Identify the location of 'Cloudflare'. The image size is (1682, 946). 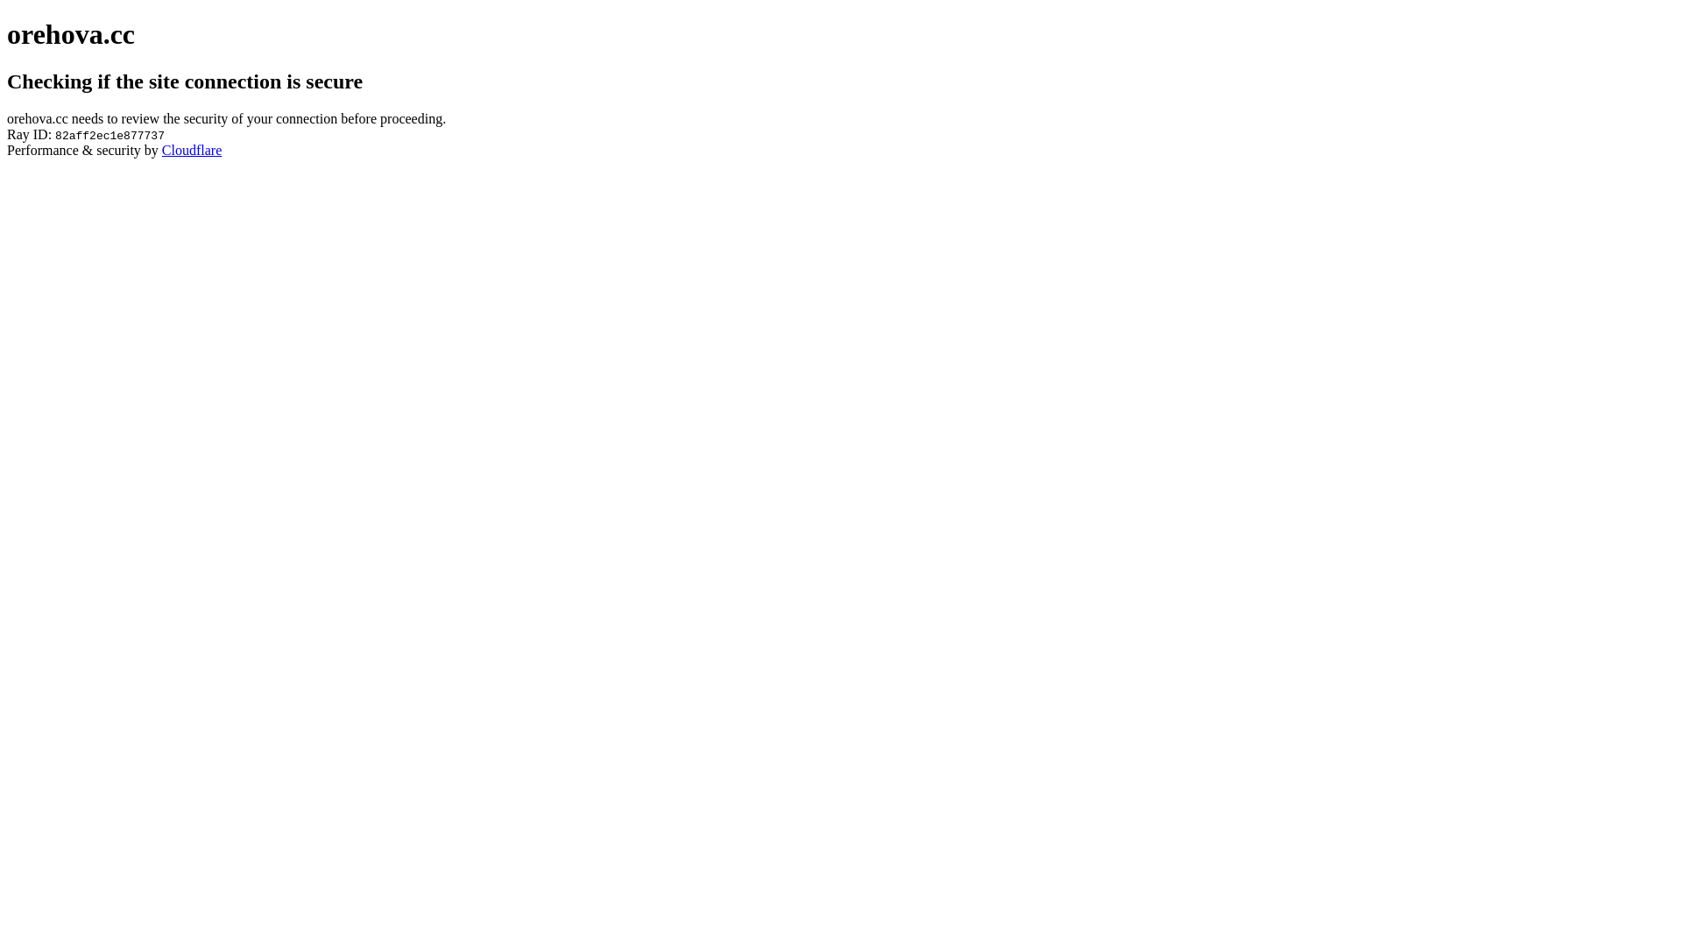
(162, 149).